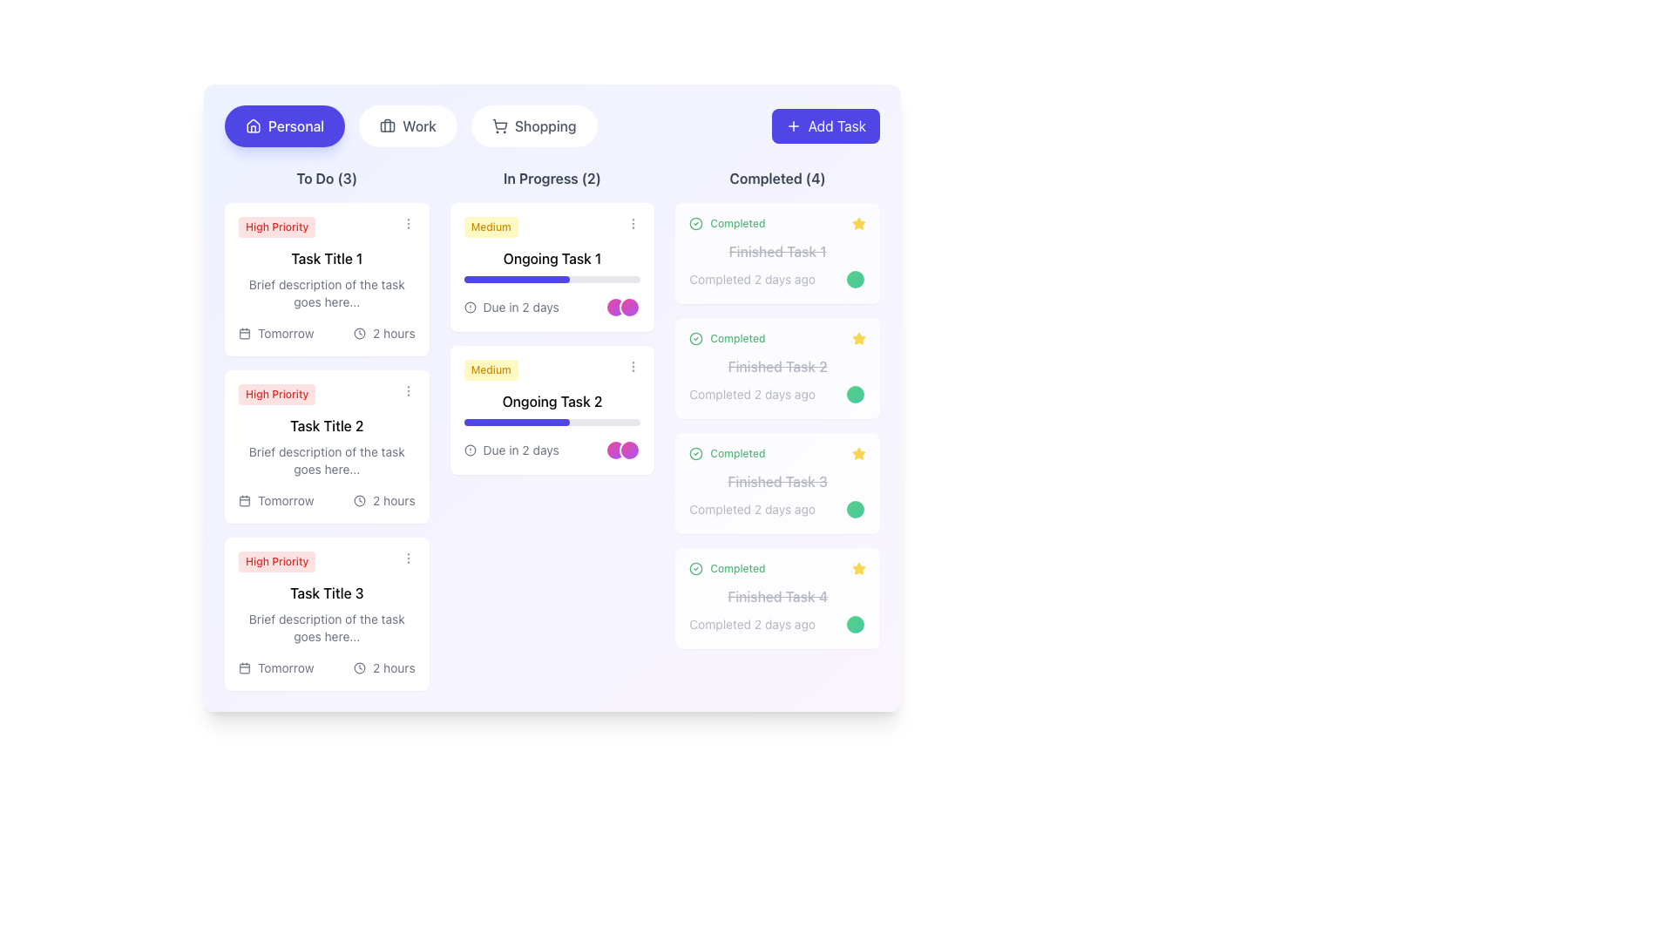 Image resolution: width=1673 pixels, height=941 pixels. What do you see at coordinates (244, 667) in the screenshot?
I see `the small rectangular shape with slightly rounded corners that represents a part of the calendar icon within the 'To Do' task card titled 'Task Title 3'` at bounding box center [244, 667].